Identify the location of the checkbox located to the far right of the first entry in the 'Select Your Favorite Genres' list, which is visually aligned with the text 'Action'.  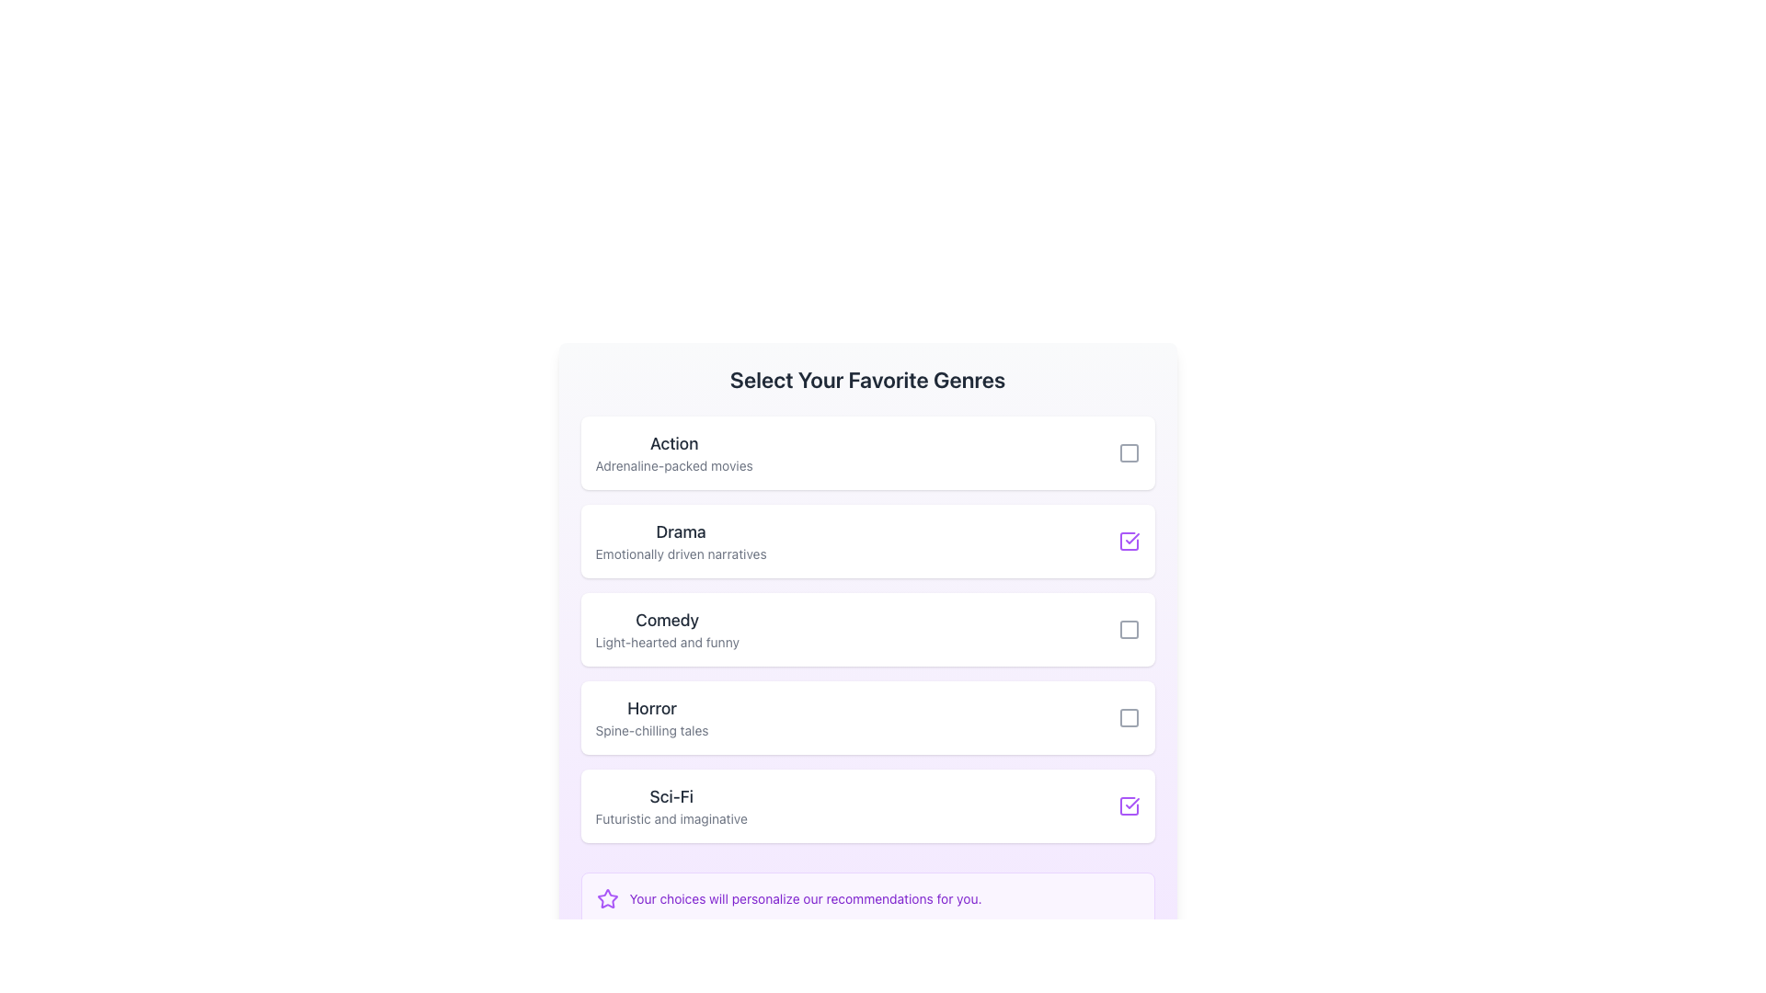
(1128, 453).